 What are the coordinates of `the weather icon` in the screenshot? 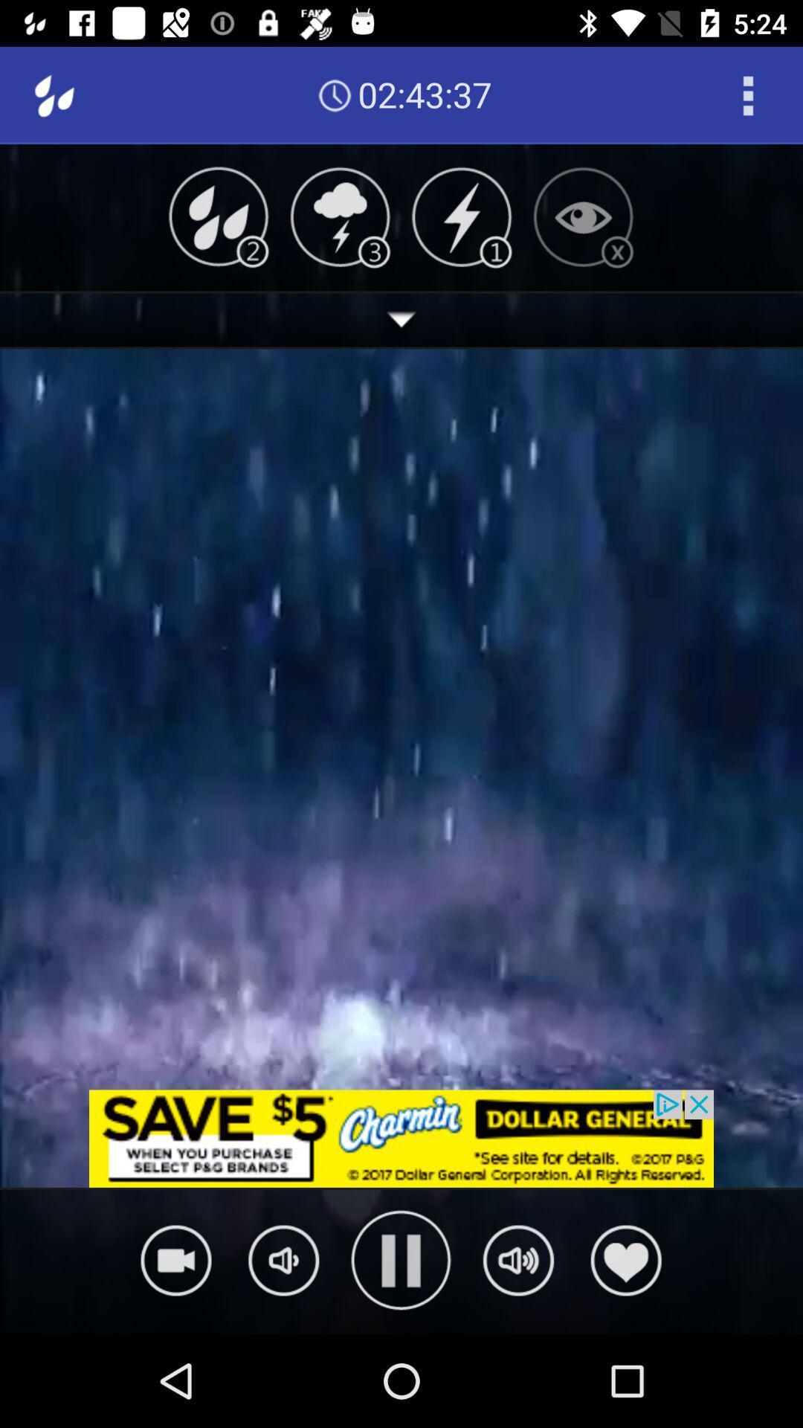 It's located at (219, 216).